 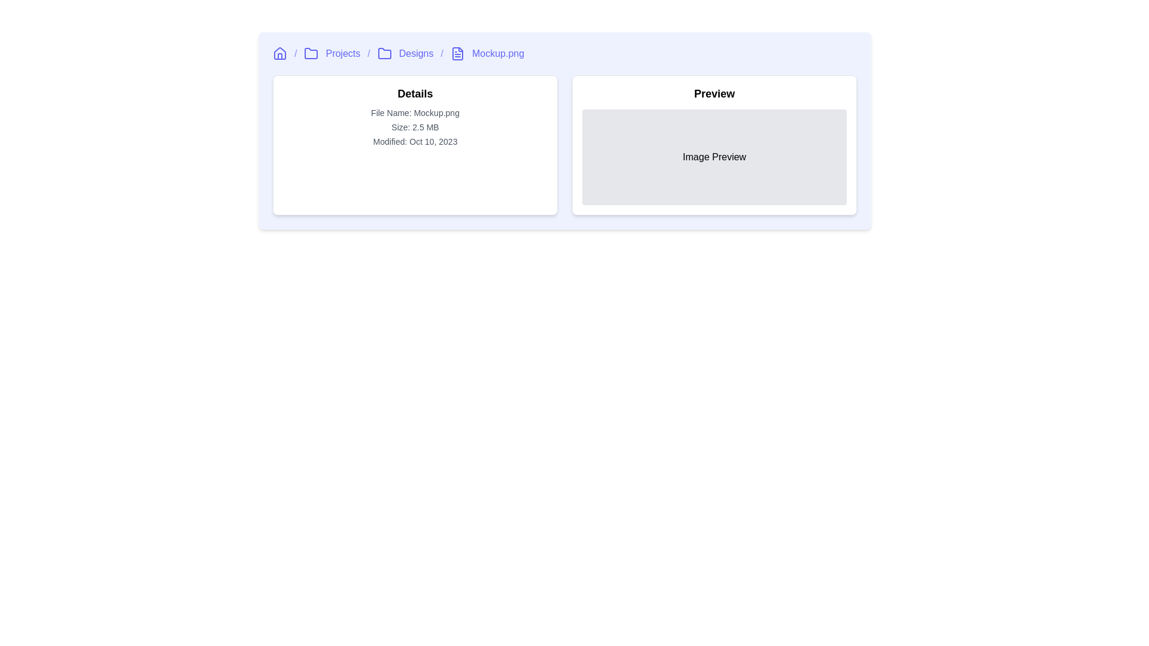 I want to click on the text label displaying 'File Name: Mockup.png', which is located within a white card below the 'Details' header, so click(x=415, y=113).